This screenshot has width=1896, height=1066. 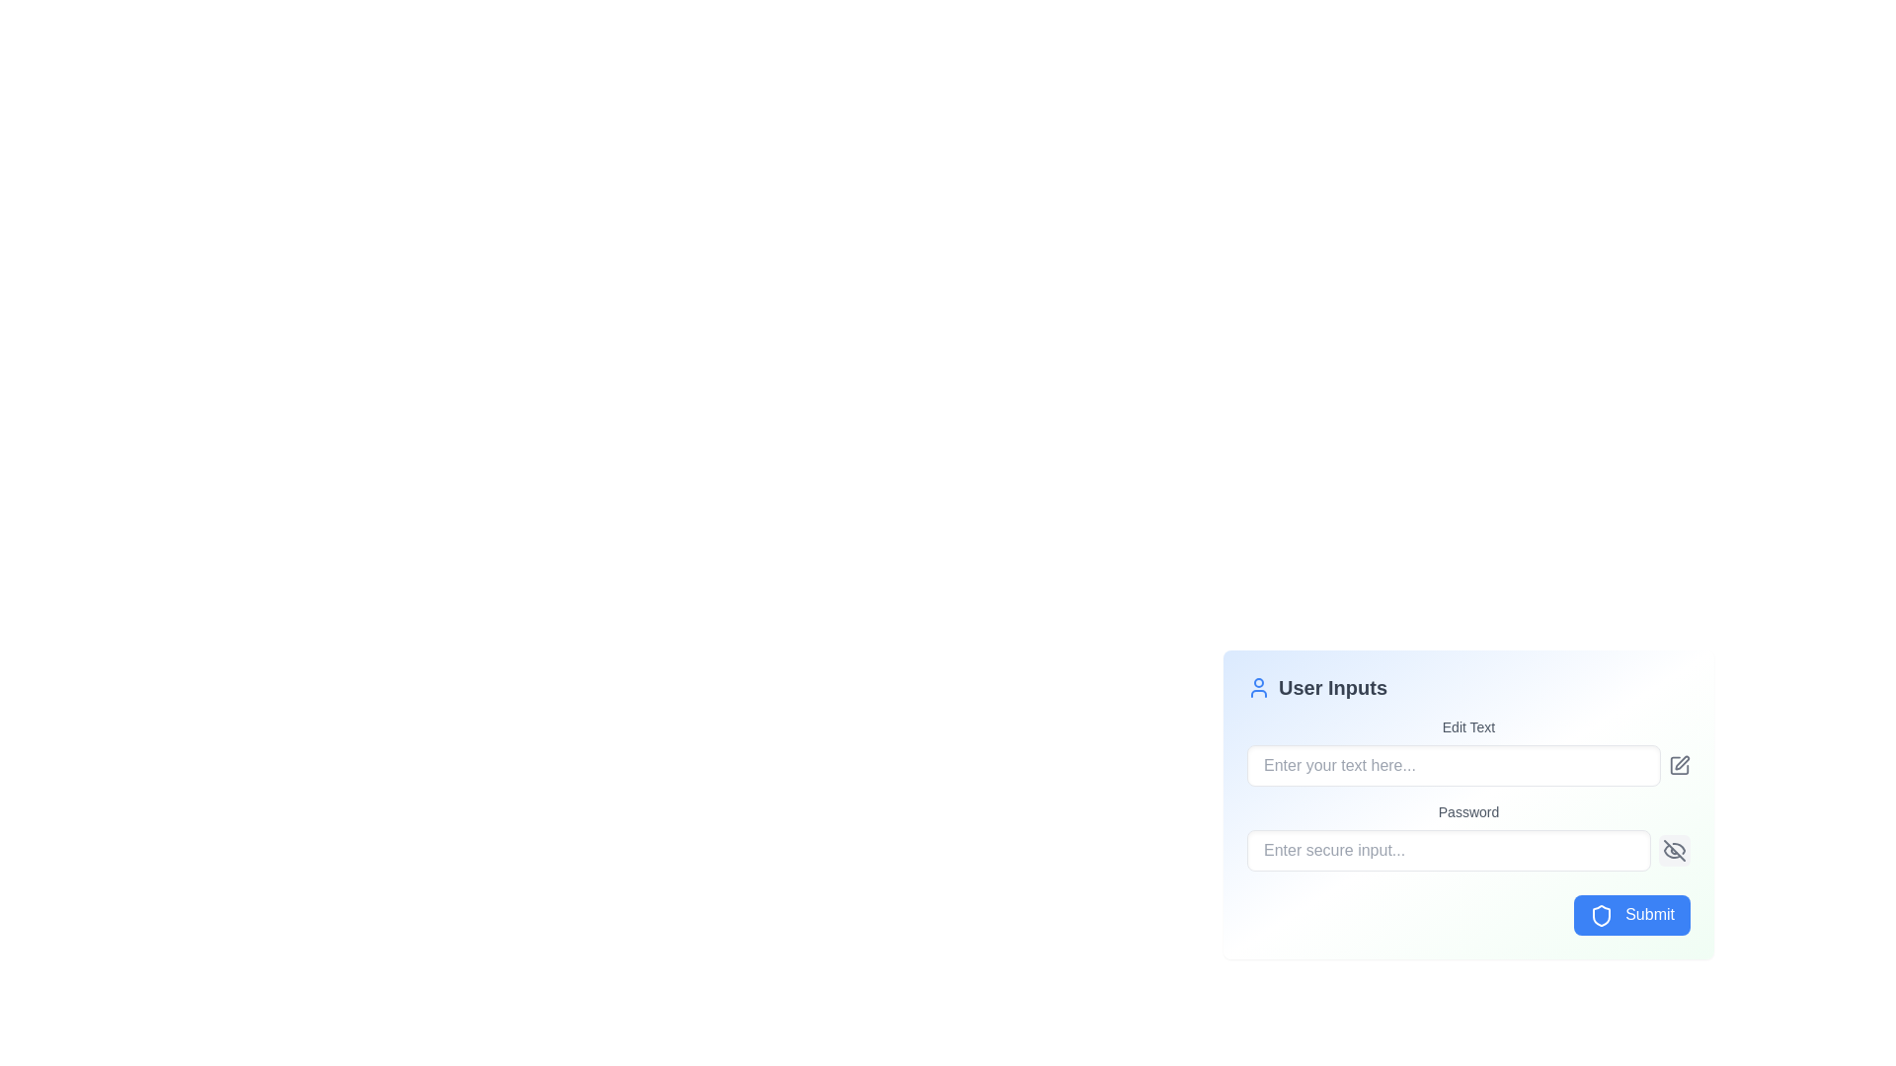 What do you see at coordinates (1601, 915) in the screenshot?
I see `the 'Submit' button which contains the shield icon on its left side, located in the bottom-right corner of the interface within the 'User Inputs' section` at bounding box center [1601, 915].